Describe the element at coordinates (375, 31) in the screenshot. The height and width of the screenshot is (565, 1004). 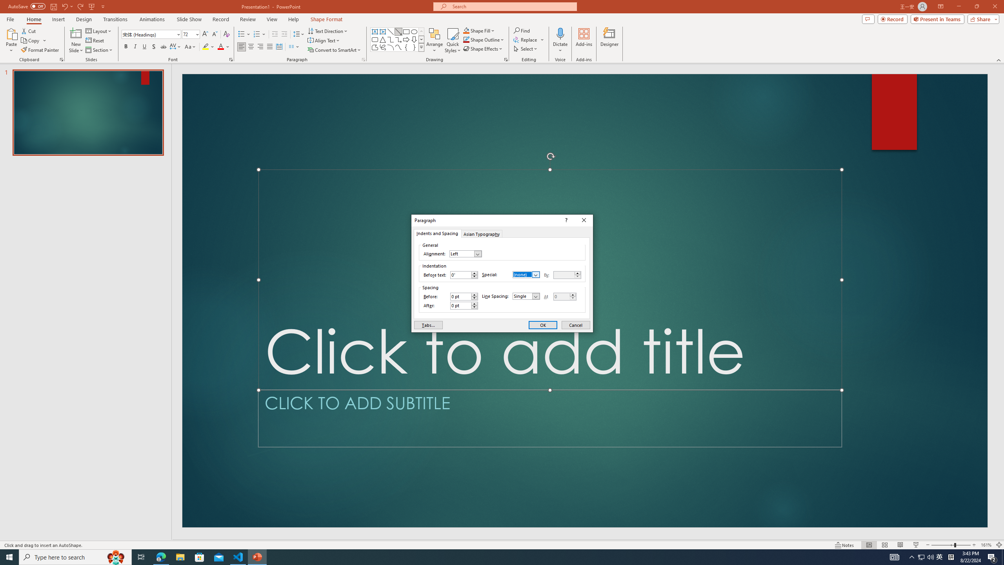
I see `'Text Box'` at that location.